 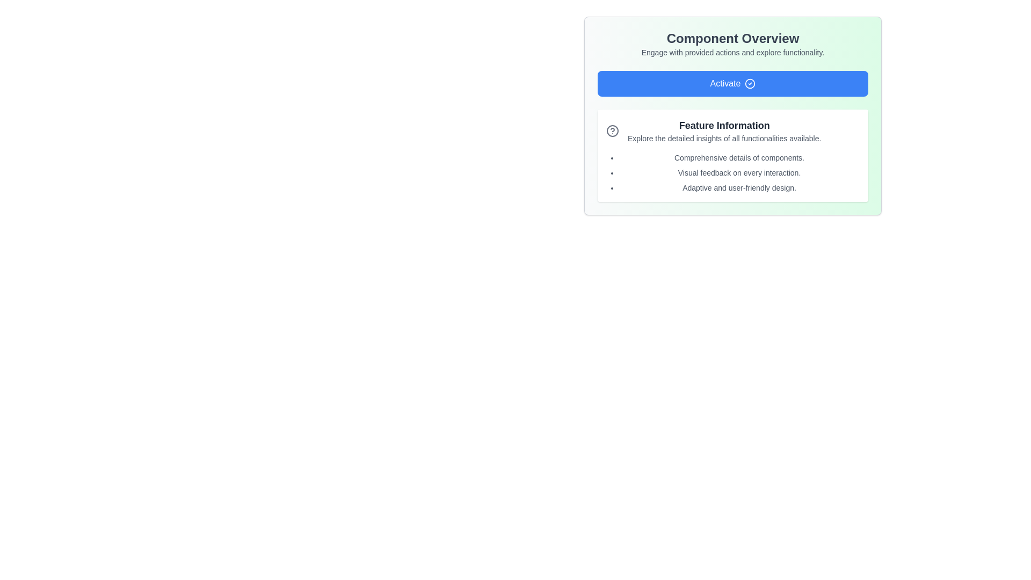 What do you see at coordinates (739, 187) in the screenshot?
I see `text of the third bulleted item in the 'Feature Information' section, which provides an informational description related to application features` at bounding box center [739, 187].